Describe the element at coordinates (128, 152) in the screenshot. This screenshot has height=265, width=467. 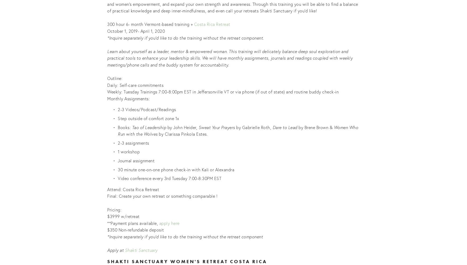
I see `'1 workshop'` at that location.